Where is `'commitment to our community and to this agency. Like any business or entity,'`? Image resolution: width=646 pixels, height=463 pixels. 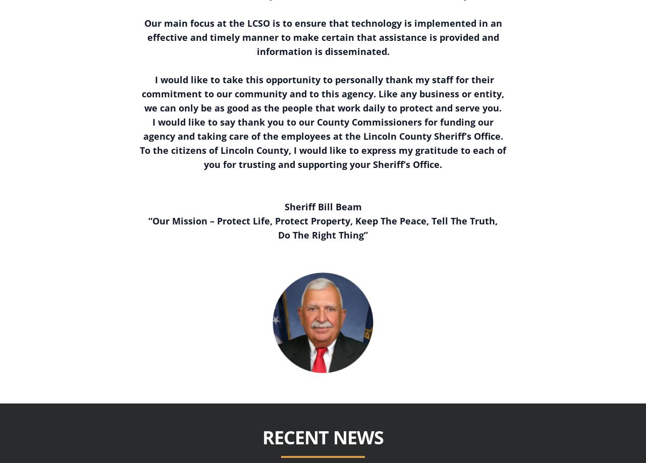
'commitment to our community and to this agency. Like any business or entity,' is located at coordinates (323, 93).